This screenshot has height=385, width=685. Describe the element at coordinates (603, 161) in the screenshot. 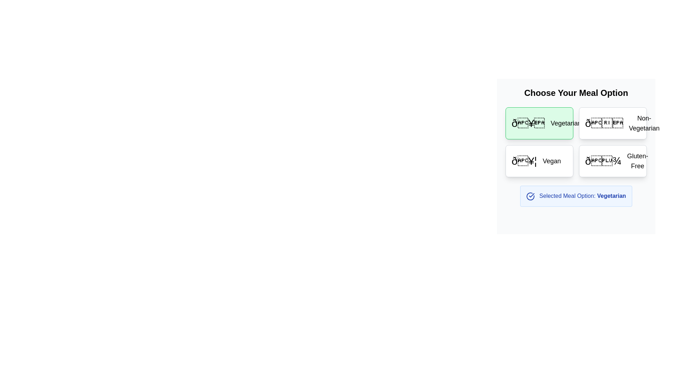

I see `the decorative 'Gluten-Free' icon located in the lower-right corner of the meal options section` at that location.